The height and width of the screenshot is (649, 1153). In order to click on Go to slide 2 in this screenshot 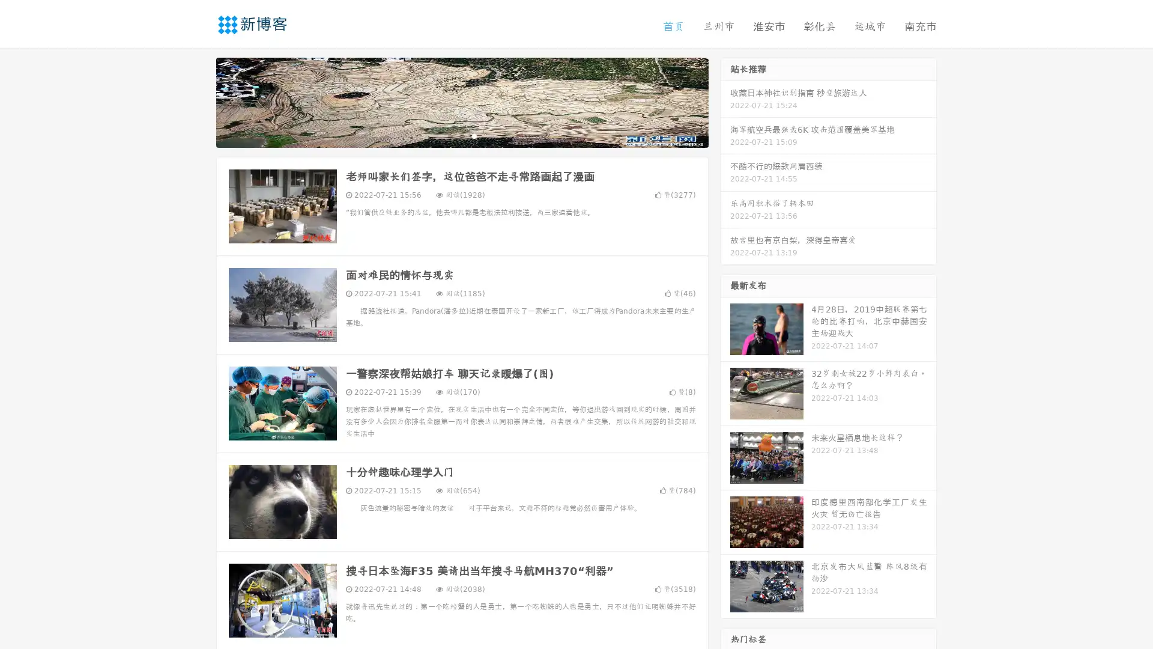, I will do `click(461, 135)`.